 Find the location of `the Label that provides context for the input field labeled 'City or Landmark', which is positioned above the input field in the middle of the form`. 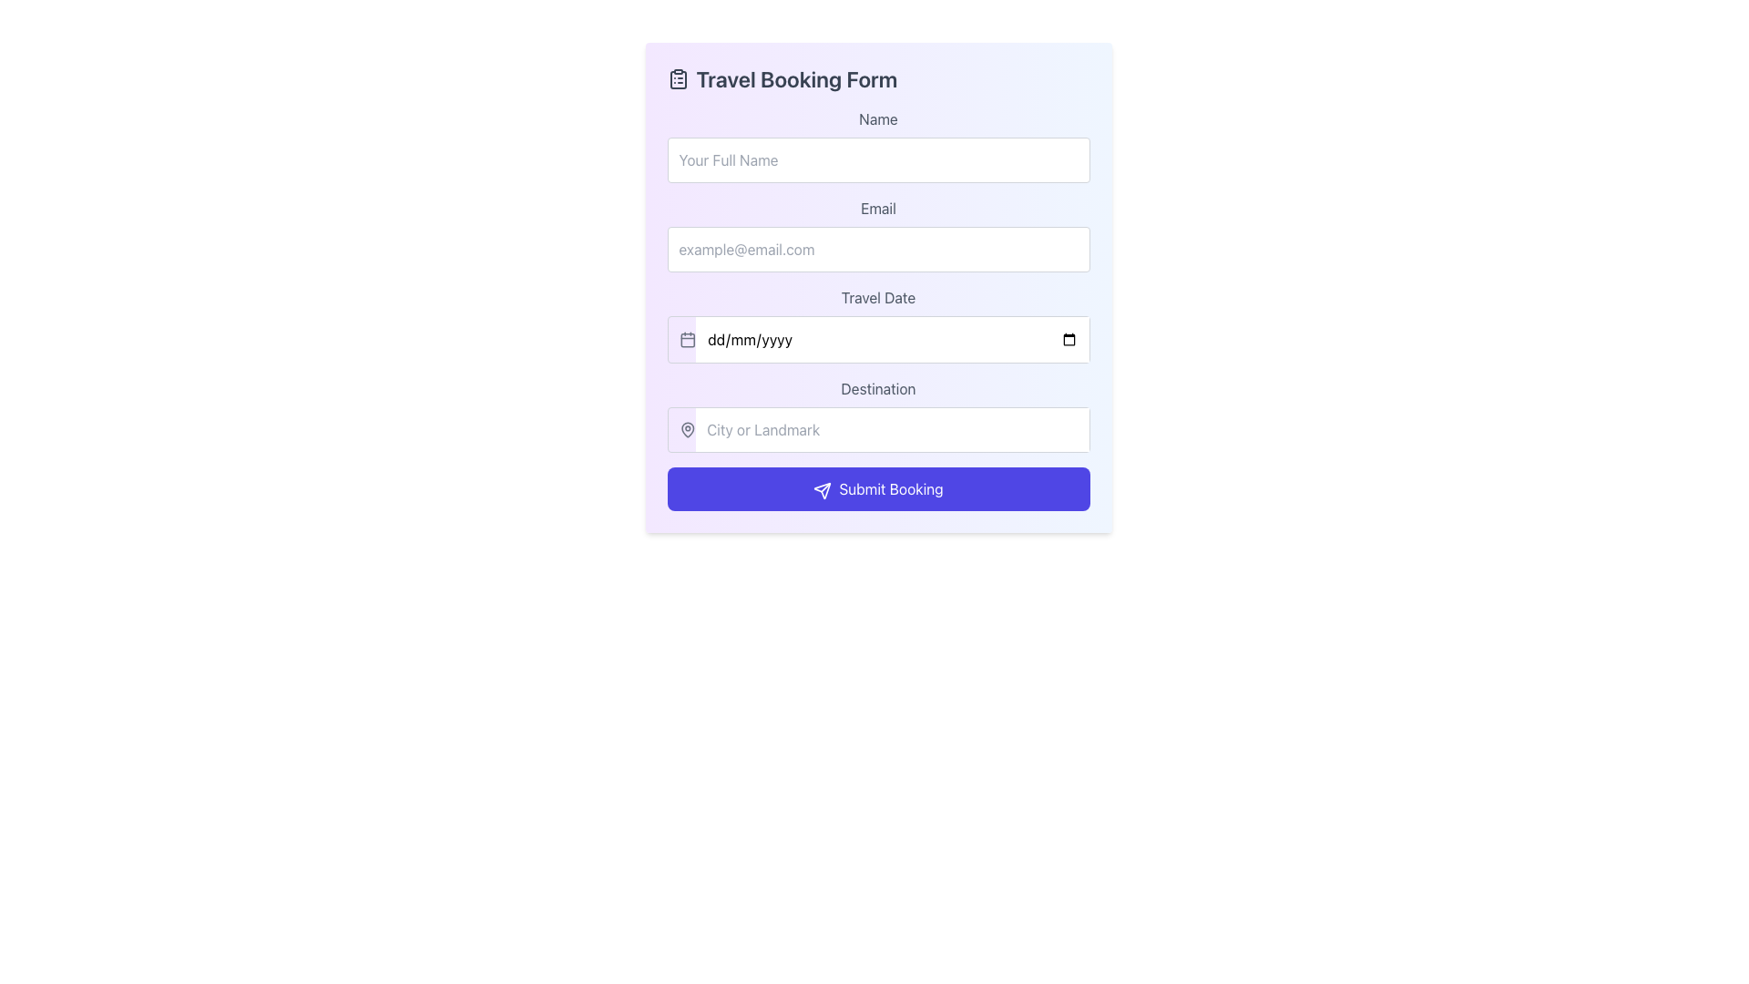

the Label that provides context for the input field labeled 'City or Landmark', which is positioned above the input field in the middle of the form is located at coordinates (878, 388).